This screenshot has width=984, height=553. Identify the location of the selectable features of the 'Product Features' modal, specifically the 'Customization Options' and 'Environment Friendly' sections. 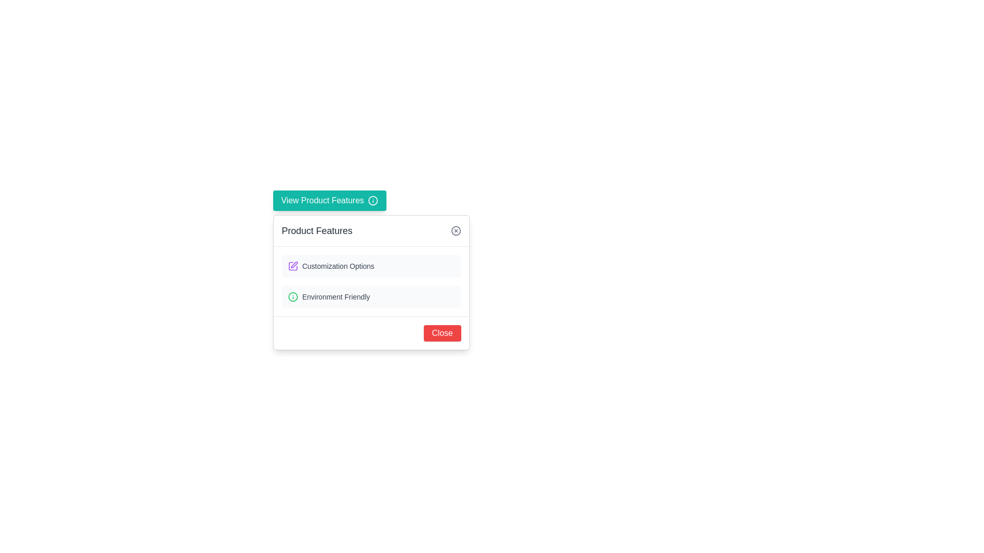
(371, 282).